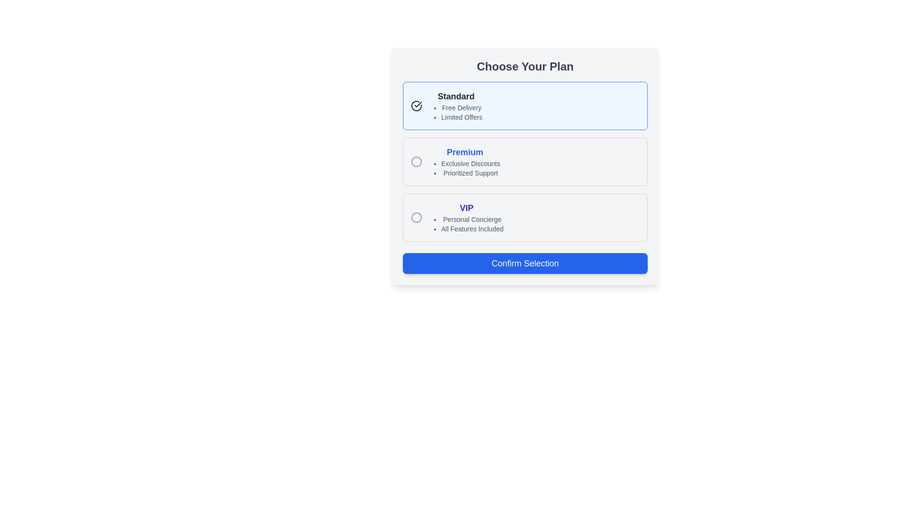 The width and height of the screenshot is (909, 511). I want to click on the information text describing a feature or benefit included within the 'VIP' plan, located just above the description 'All Features Included' on the pricing plan card, so click(472, 219).